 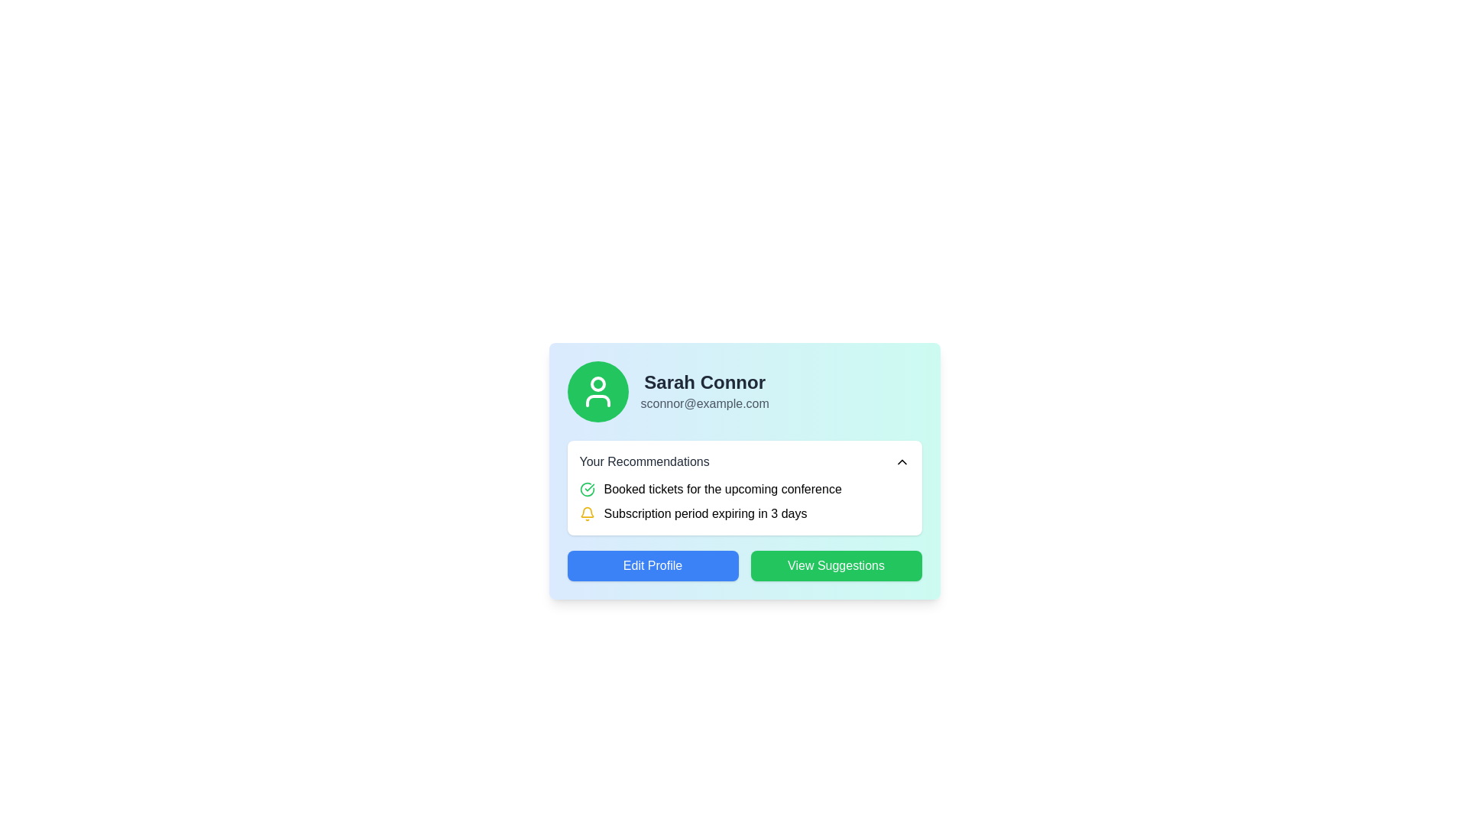 What do you see at coordinates (744, 513) in the screenshot?
I see `notification content about the impending expiration of the subscription period, which is the second item under 'Your Recommendations' in the user recommendations card` at bounding box center [744, 513].